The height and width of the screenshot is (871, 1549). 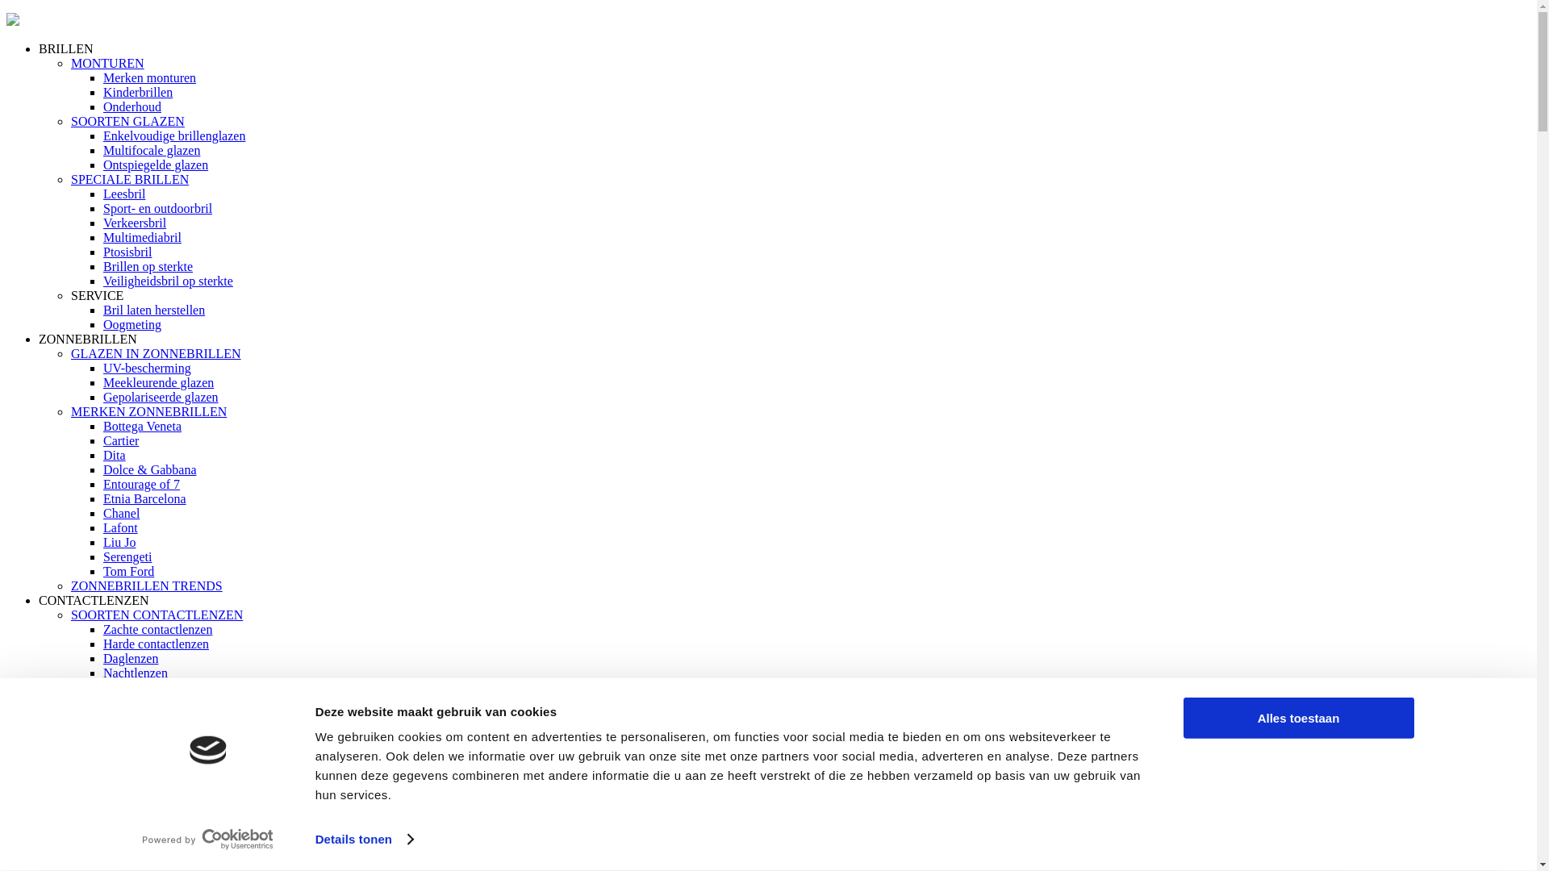 What do you see at coordinates (96, 295) in the screenshot?
I see `'SERVICE'` at bounding box center [96, 295].